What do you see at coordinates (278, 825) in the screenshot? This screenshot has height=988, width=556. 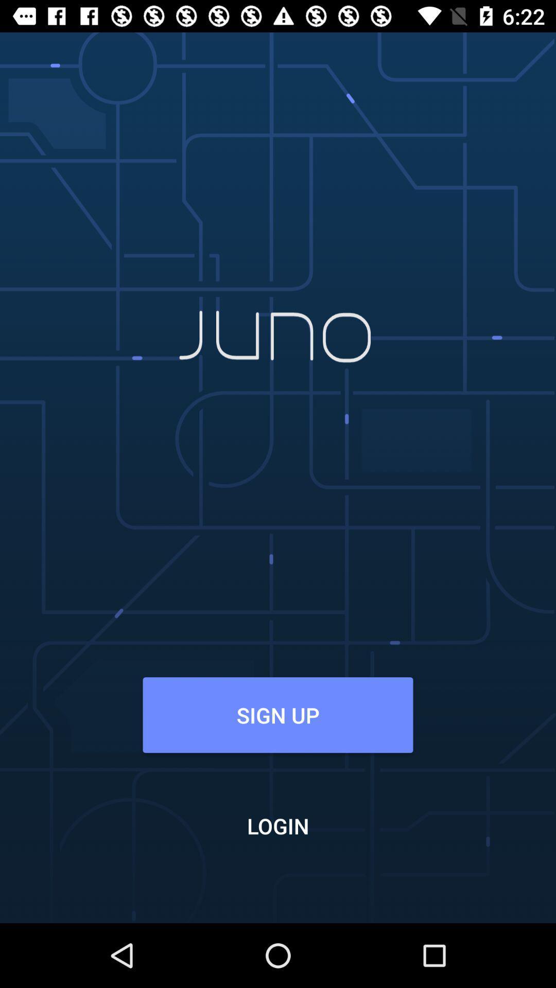 I see `login icon` at bounding box center [278, 825].